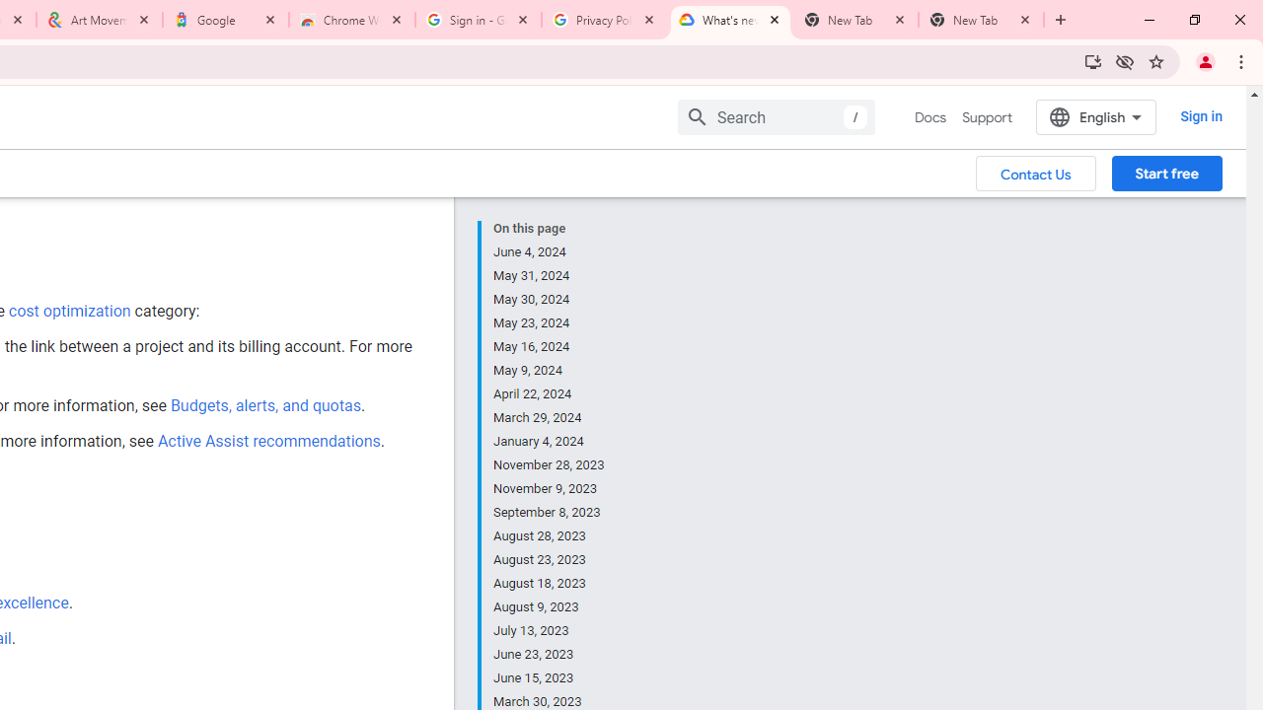 This screenshot has width=1263, height=710. I want to click on 'March 29, 2024', so click(550, 417).